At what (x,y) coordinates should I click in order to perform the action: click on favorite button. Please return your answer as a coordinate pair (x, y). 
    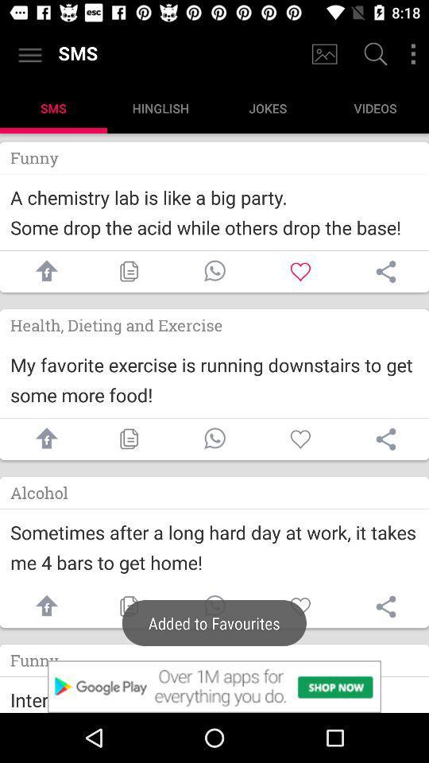
    Looking at the image, I should click on (300, 606).